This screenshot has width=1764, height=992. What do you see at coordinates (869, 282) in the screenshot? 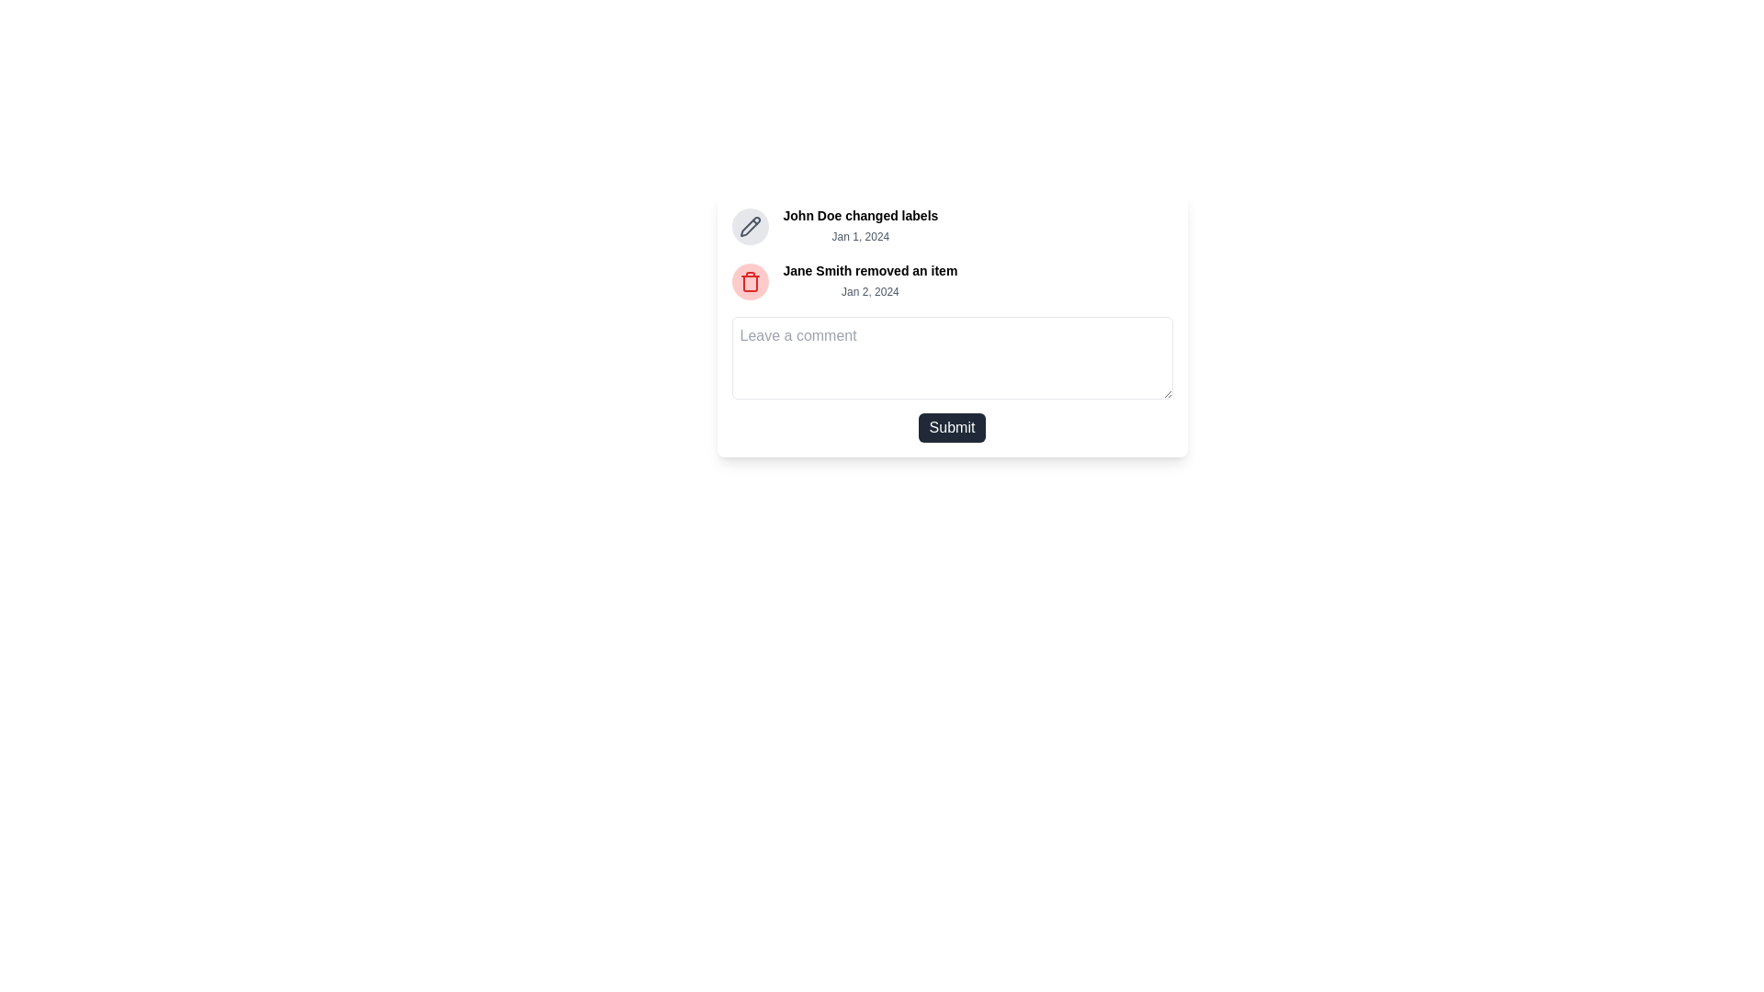
I see `the text block displaying 'Jane Smith removed an item' and 'Jan 2, 2024', which is located below the 'John Doe changed labels' entry` at bounding box center [869, 282].